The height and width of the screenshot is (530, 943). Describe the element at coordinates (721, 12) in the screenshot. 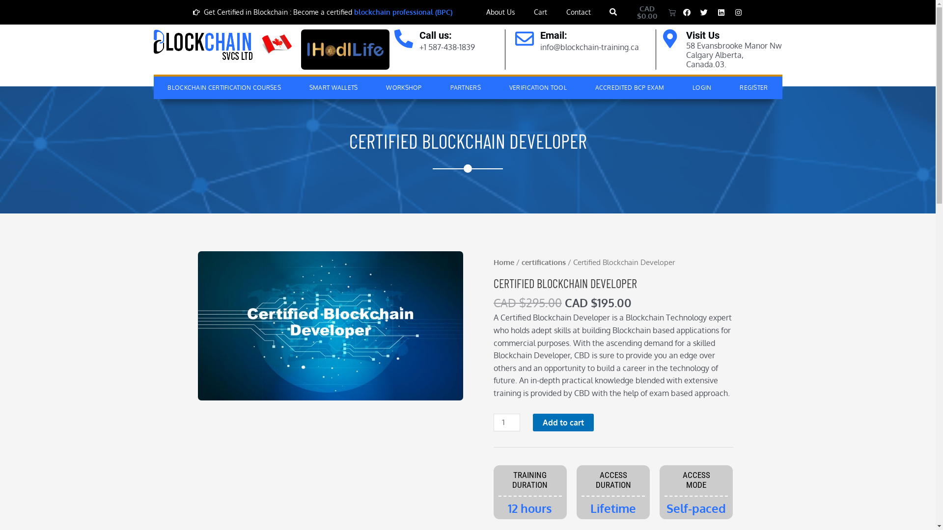

I see `'Linkedin'` at that location.